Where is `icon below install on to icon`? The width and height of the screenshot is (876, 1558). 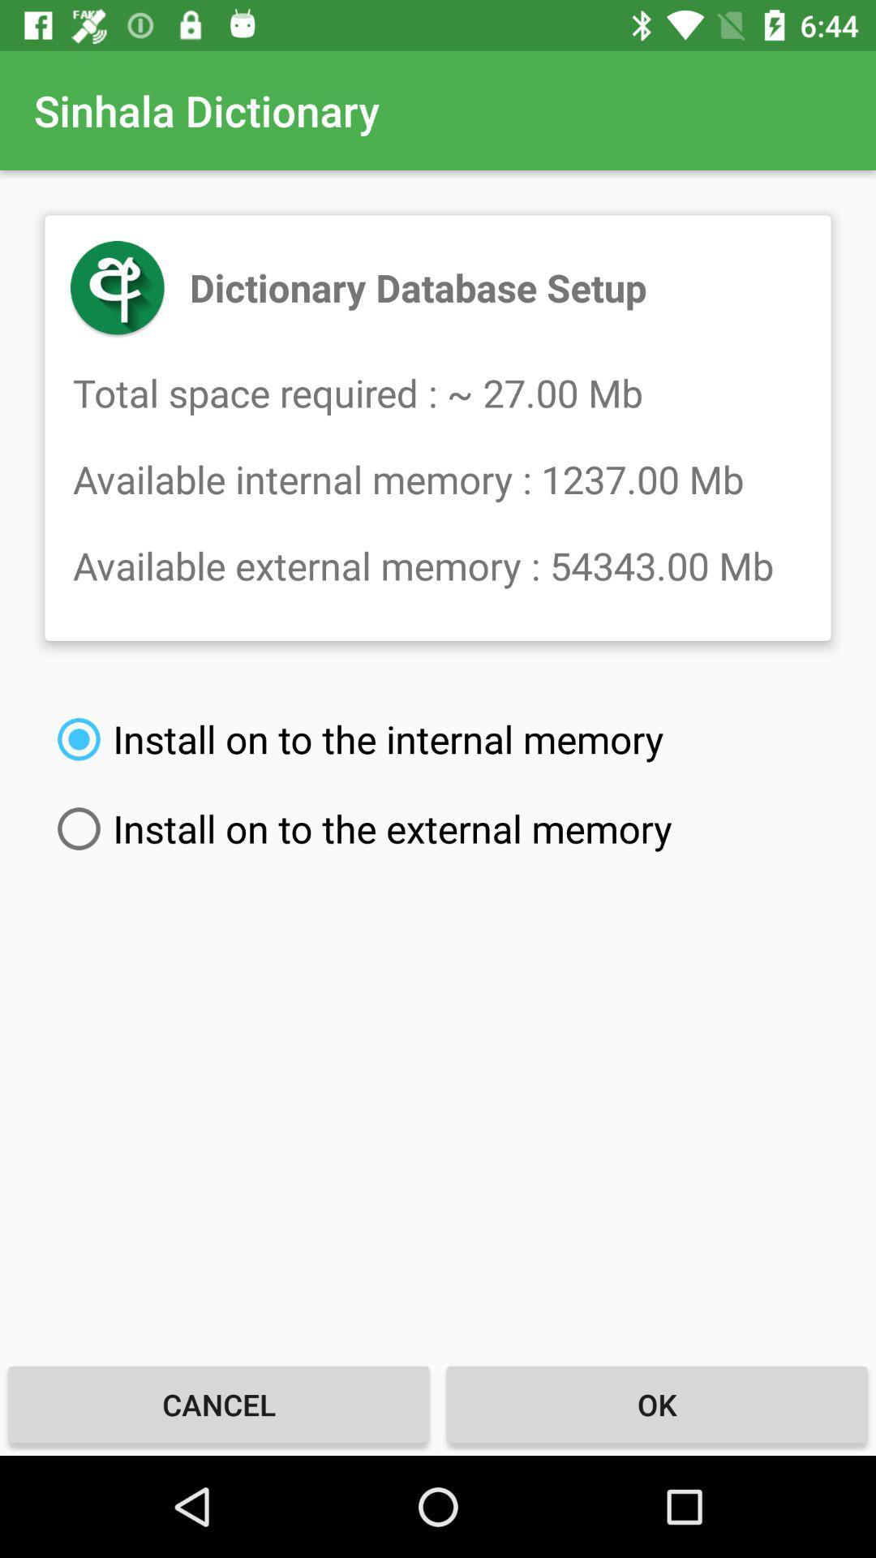 icon below install on to icon is located at coordinates (657, 1404).